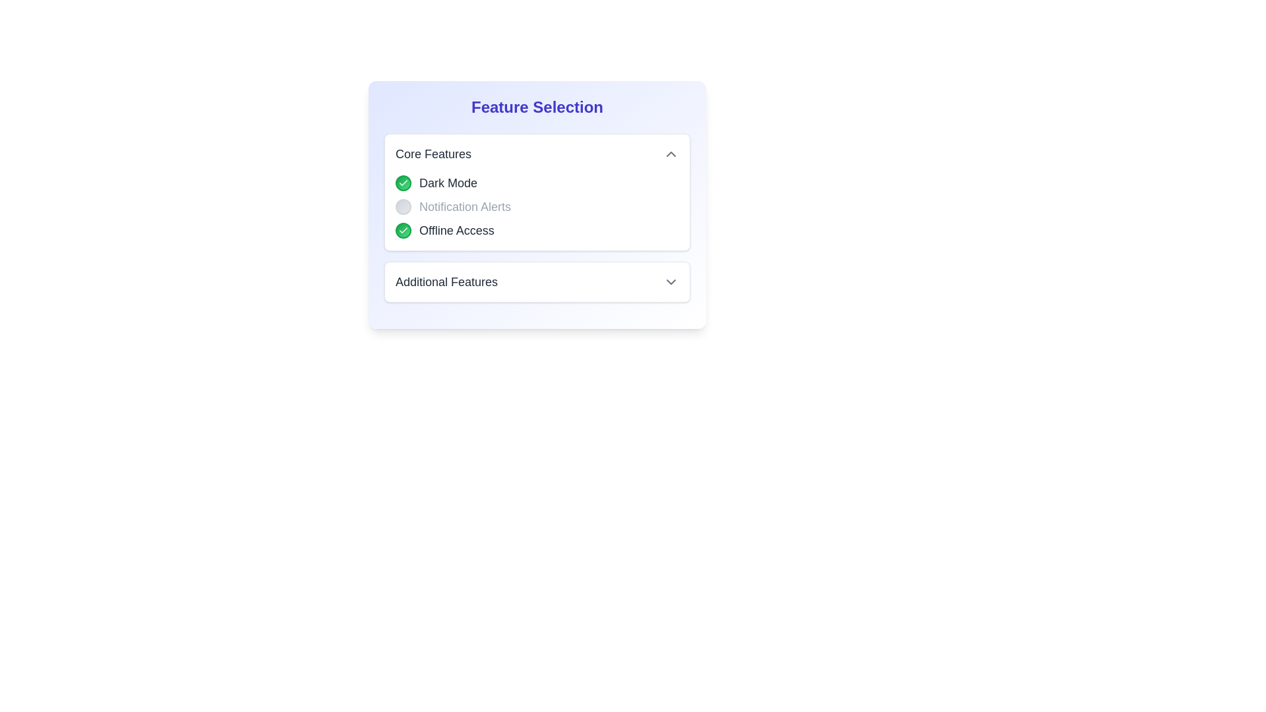  Describe the element at coordinates (465, 206) in the screenshot. I see `the static text label displaying 'Notification Alerts' located under the 'Core Features' section, positioned to the right of a circular icon` at that location.